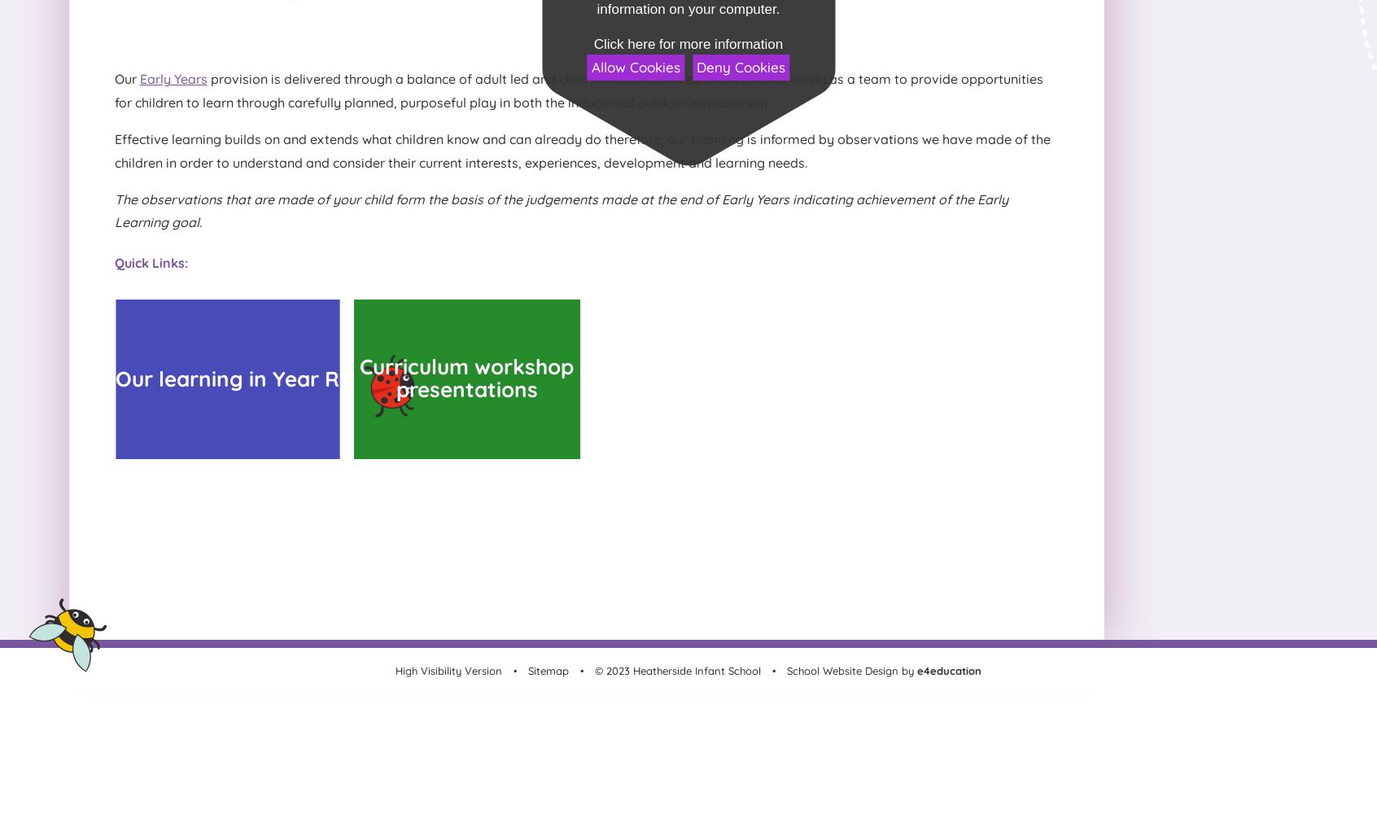 This screenshot has width=1377, height=814. Describe the element at coordinates (125, 78) in the screenshot. I see `'Our'` at that location.